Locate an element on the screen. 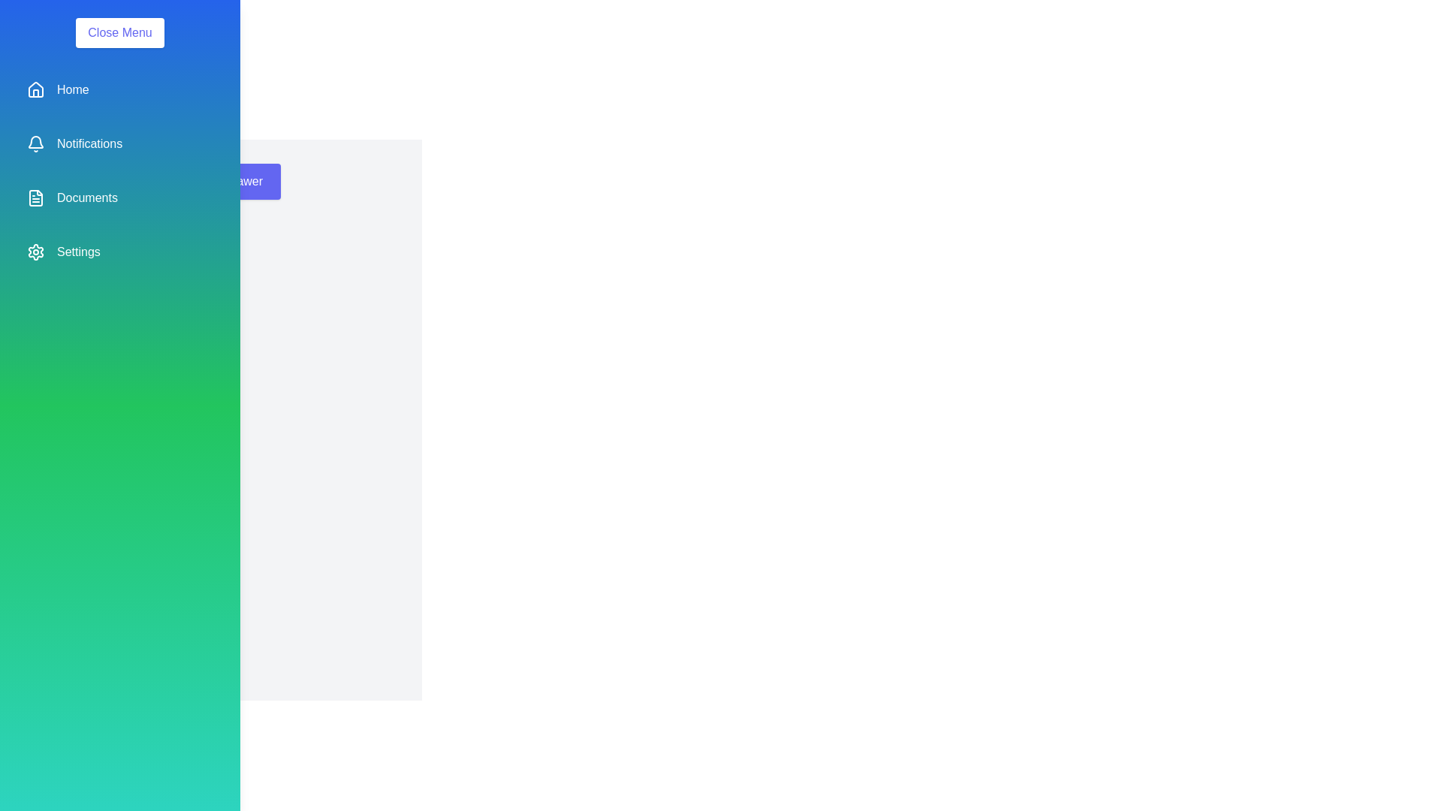 The image size is (1442, 811). the menu item Notifications from the list is located at coordinates (119, 144).